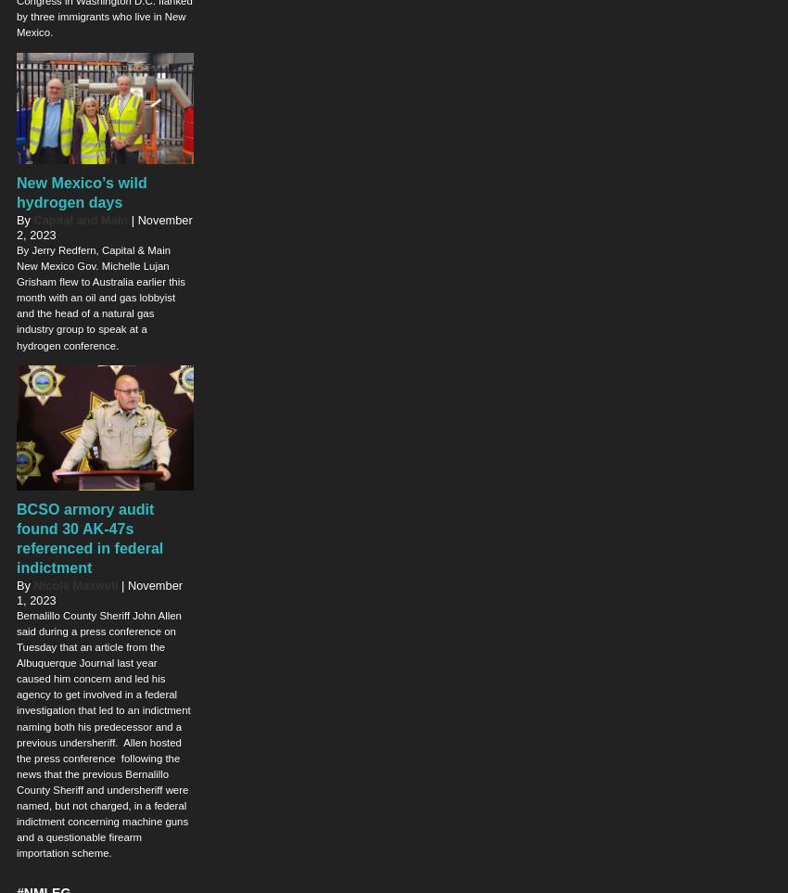 Image resolution: width=788 pixels, height=893 pixels. Describe the element at coordinates (80, 190) in the screenshot. I see `'New Mexico’s wild hydrogen days'` at that location.